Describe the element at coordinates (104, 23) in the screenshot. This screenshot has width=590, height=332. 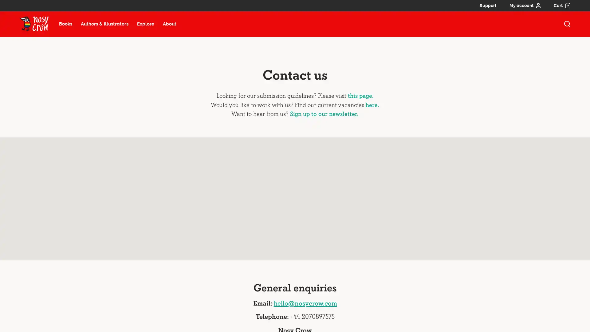
I see `Authors and illustrators menu item, select to open Authors and illustrators submenu (27 items)` at that location.